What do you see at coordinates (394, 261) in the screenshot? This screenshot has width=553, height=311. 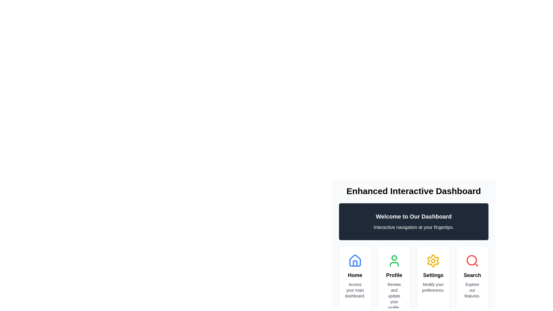 I see `the green user icon in the second card from the left on the dashboard, which is positioned above the text 'Profile' and 'Review and update your profile.'` at bounding box center [394, 261].